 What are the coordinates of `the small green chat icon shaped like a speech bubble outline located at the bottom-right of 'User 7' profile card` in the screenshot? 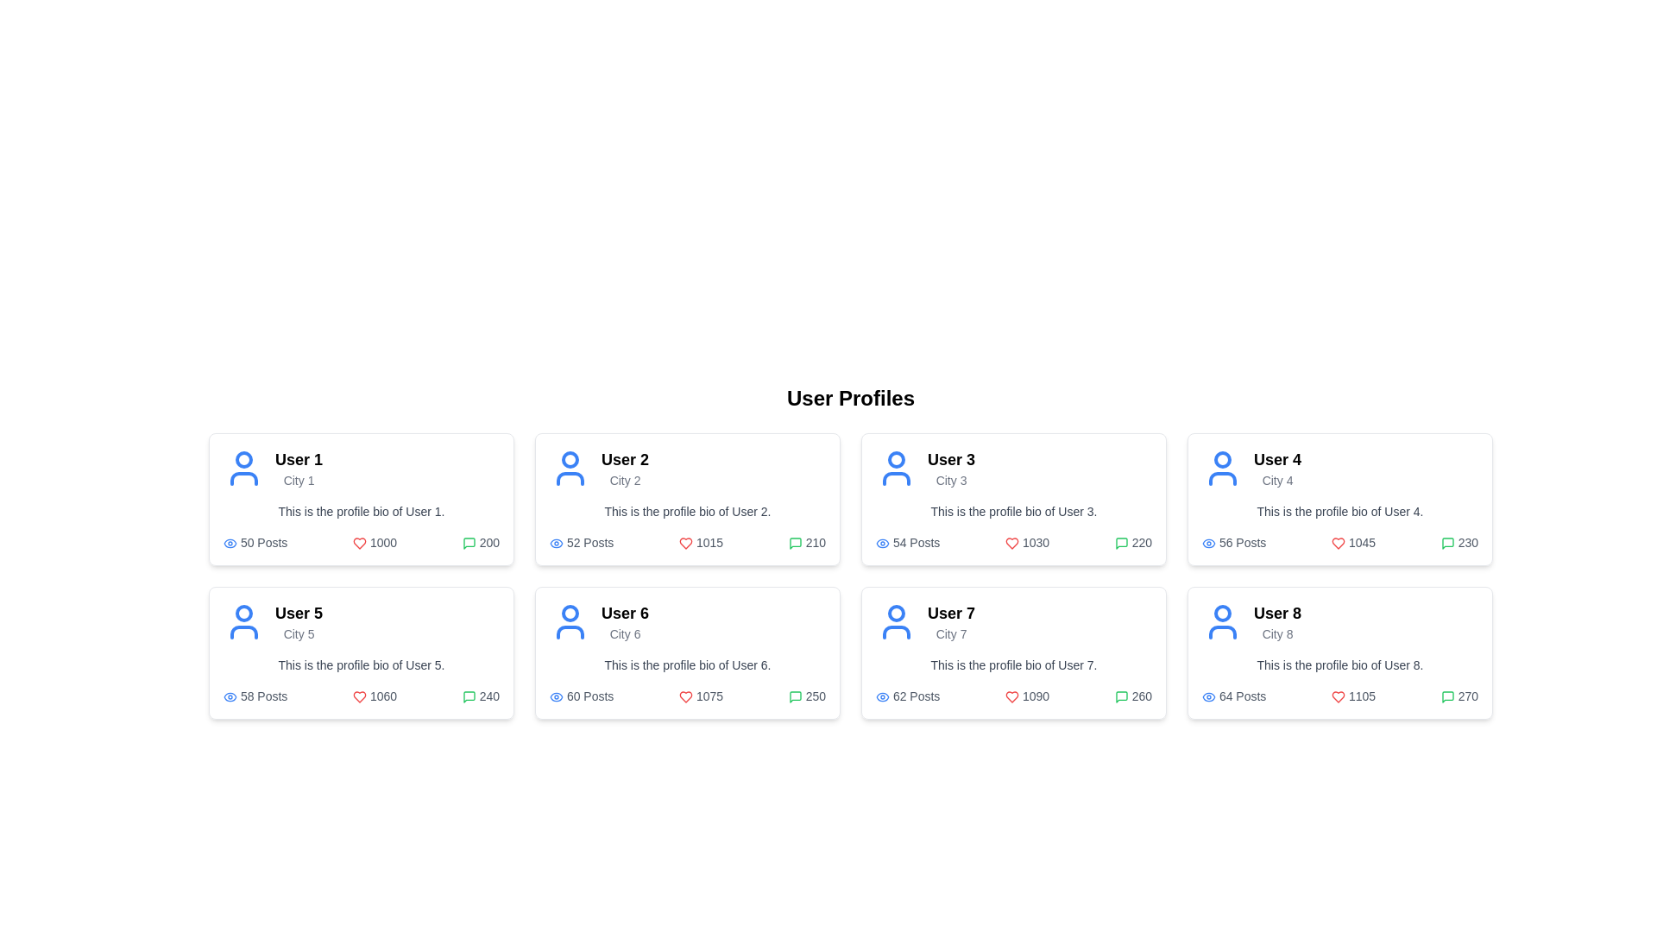 It's located at (794, 696).